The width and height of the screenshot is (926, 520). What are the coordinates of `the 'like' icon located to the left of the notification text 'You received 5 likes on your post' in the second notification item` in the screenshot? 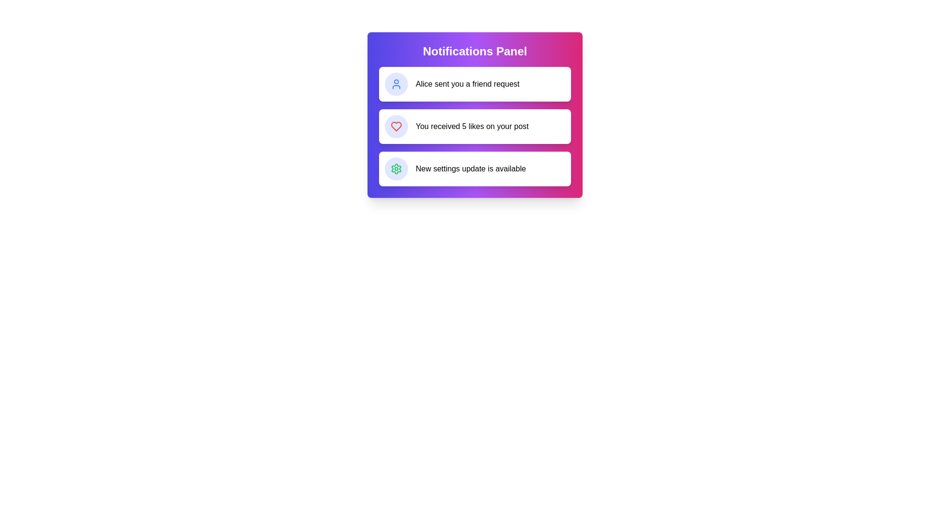 It's located at (396, 126).